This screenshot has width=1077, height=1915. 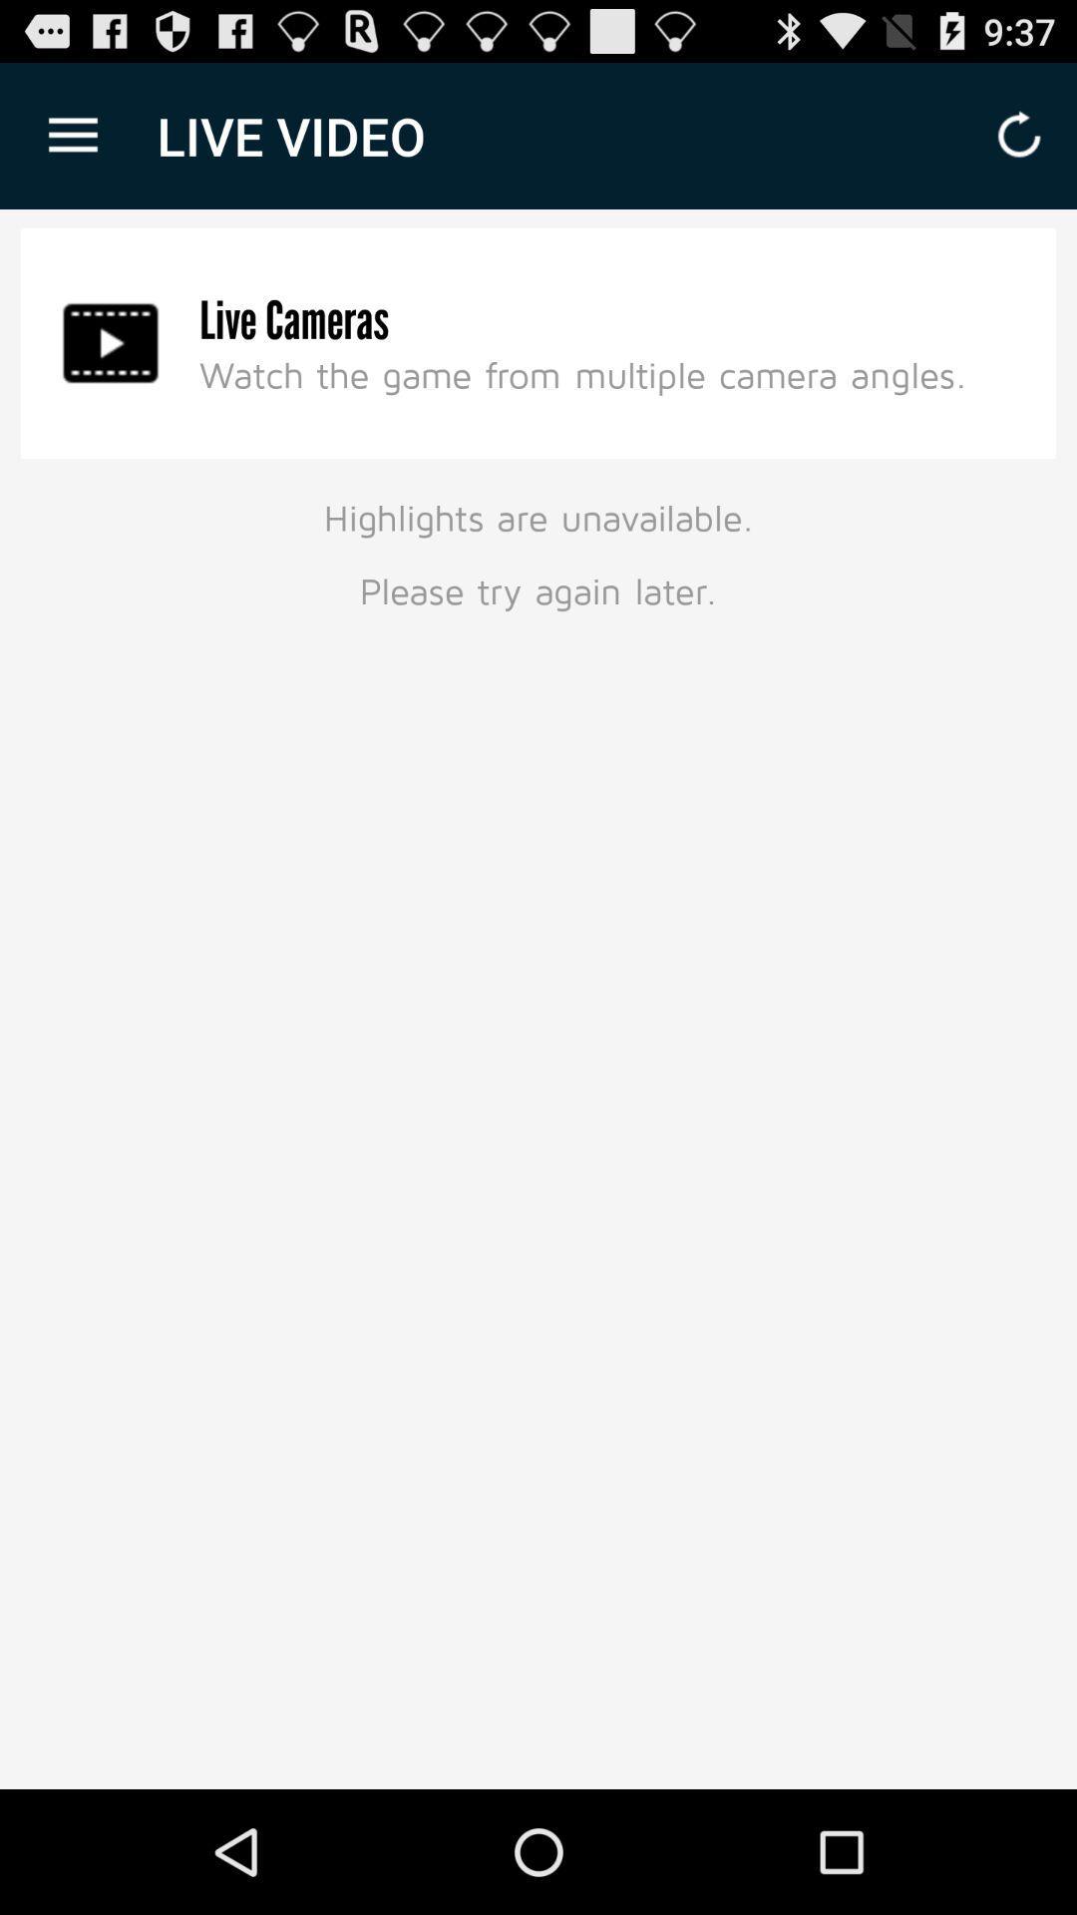 I want to click on the icon above highlights are unavailable item, so click(x=583, y=374).